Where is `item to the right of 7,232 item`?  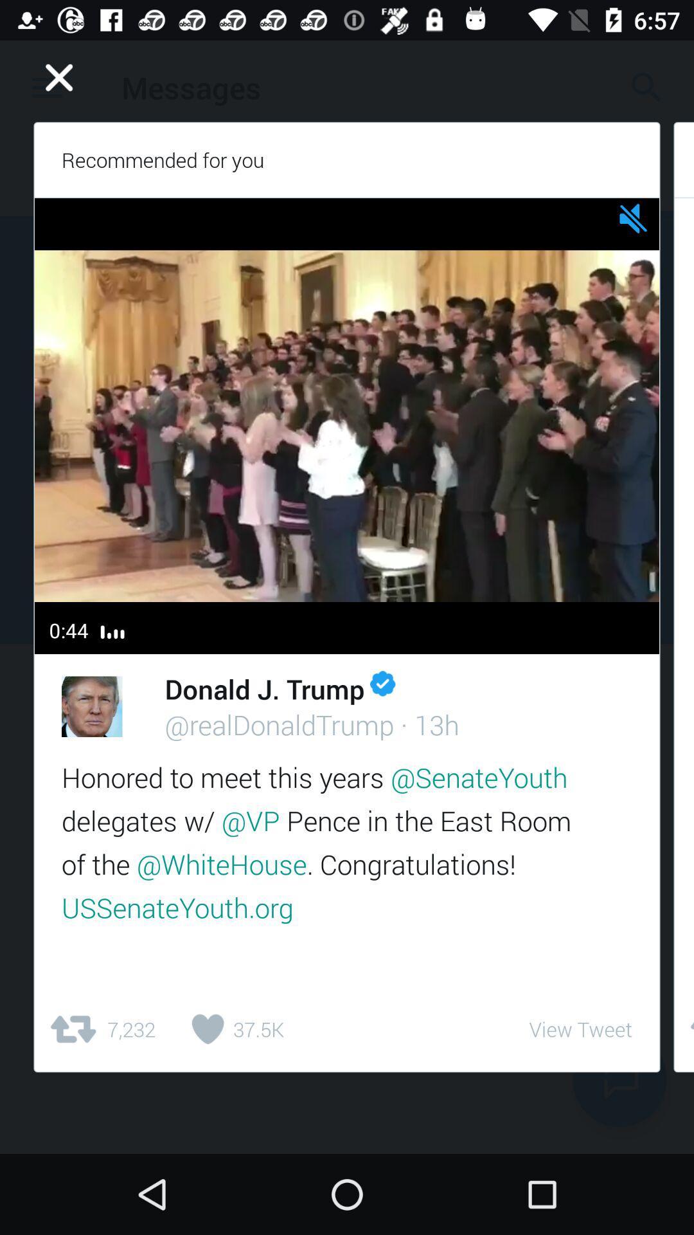
item to the right of 7,232 item is located at coordinates (233, 1029).